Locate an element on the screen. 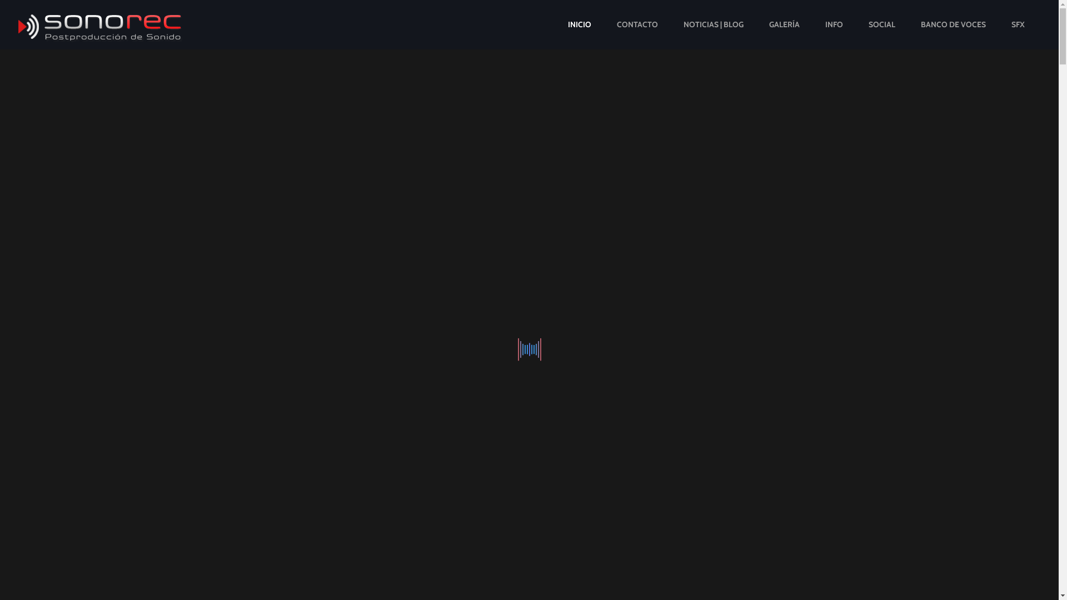 The image size is (1067, 600). 'INICIO' is located at coordinates (579, 24).